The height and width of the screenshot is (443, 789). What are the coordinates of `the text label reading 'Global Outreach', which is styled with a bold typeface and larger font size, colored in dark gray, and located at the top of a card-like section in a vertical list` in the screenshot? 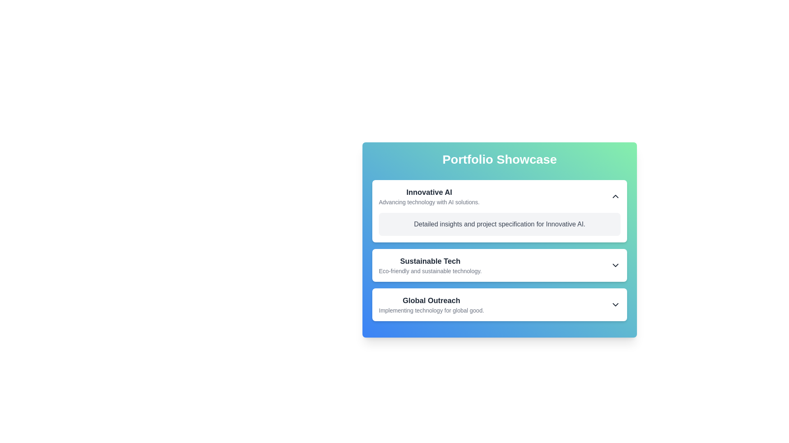 It's located at (431, 300).